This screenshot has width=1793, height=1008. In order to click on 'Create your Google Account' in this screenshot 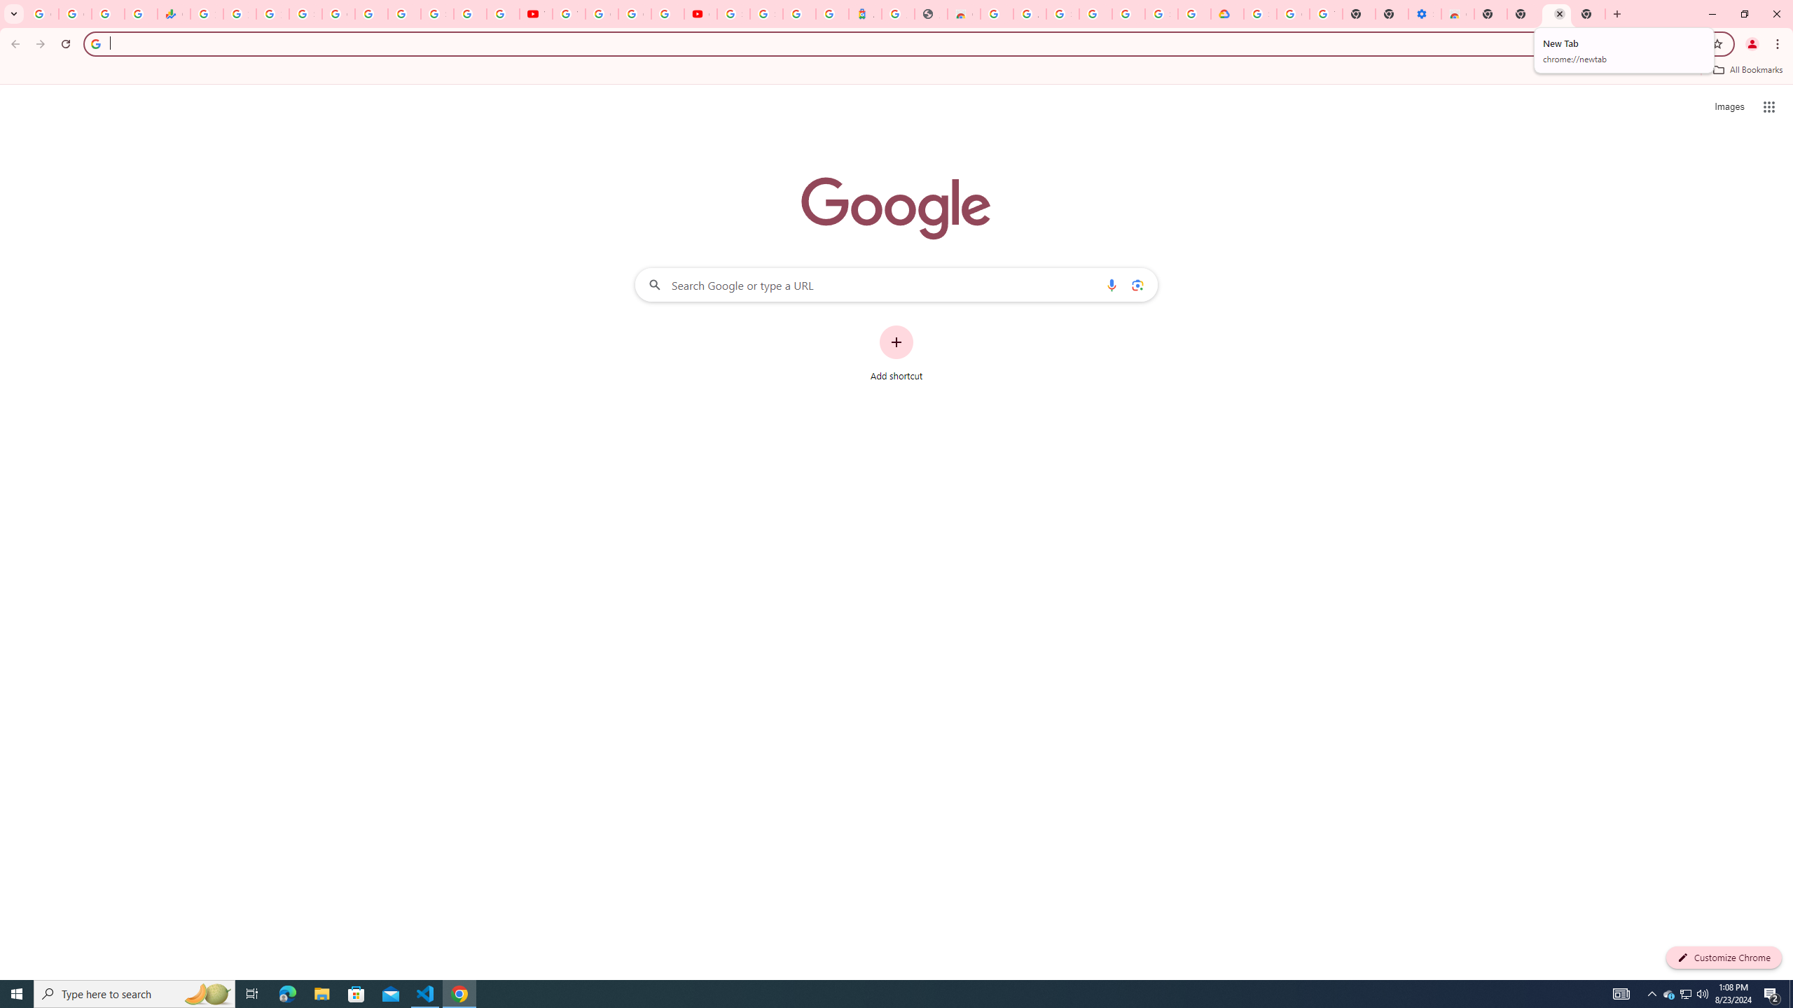, I will do `click(634, 13)`.